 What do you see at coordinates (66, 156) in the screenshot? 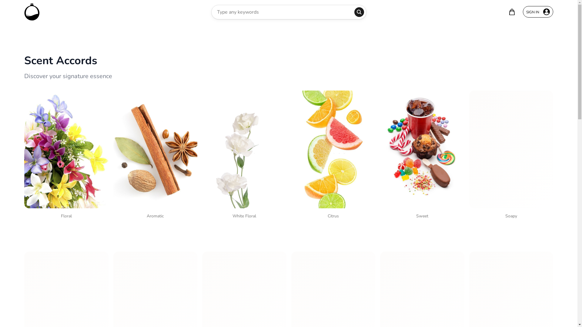
I see `'Floral'` at bounding box center [66, 156].